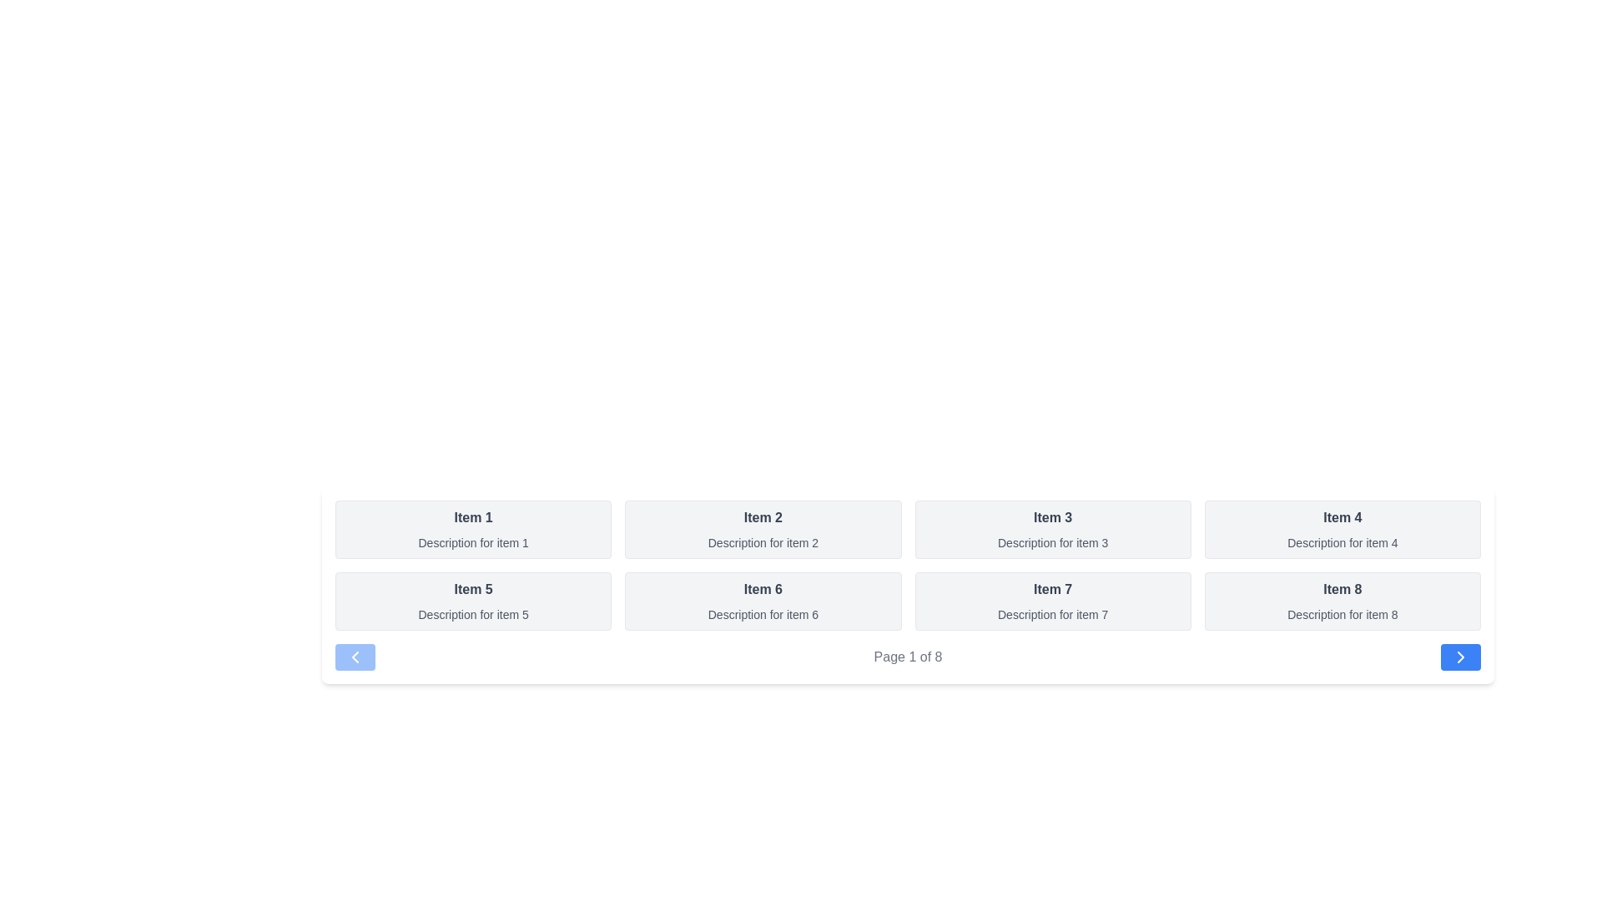 The width and height of the screenshot is (1602, 901). What do you see at coordinates (1343, 517) in the screenshot?
I see `the text label reading 'Item 4' which is located in the top-right portion of the grid layout, above the description text for item 4` at bounding box center [1343, 517].